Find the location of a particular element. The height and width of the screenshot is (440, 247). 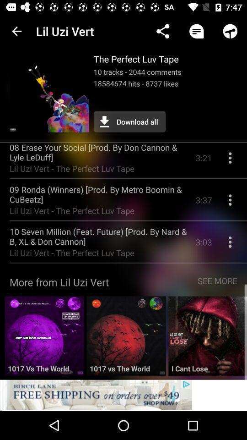

to choose highlighted music is located at coordinates (125, 339).